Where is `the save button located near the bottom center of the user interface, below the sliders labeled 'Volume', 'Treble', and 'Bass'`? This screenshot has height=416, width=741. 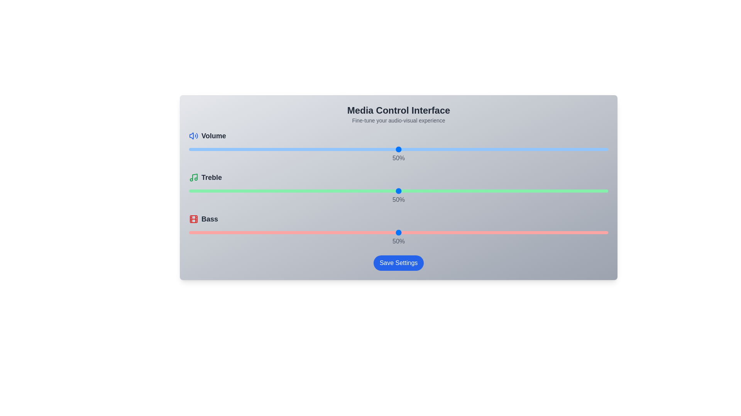
the save button located near the bottom center of the user interface, below the sliders labeled 'Volume', 'Treble', and 'Bass' is located at coordinates (398, 262).